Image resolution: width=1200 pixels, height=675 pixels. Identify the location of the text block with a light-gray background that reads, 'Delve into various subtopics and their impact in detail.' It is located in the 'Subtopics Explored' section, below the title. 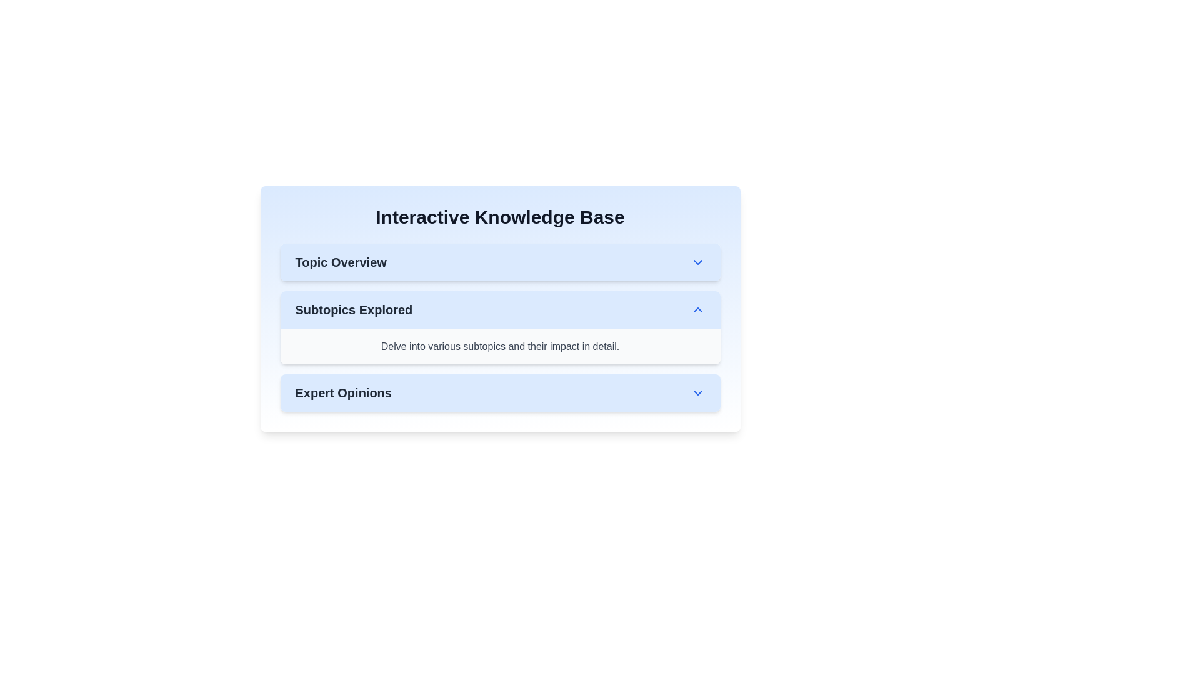
(500, 346).